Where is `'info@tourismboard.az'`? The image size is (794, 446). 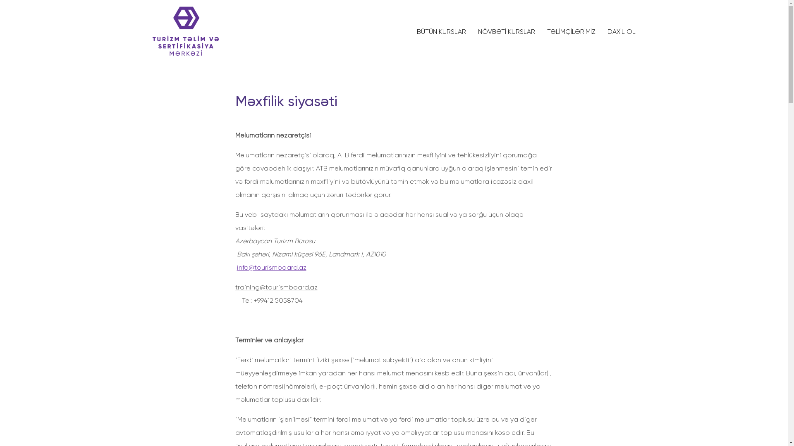 'info@tourismboard.az' is located at coordinates (271, 267).